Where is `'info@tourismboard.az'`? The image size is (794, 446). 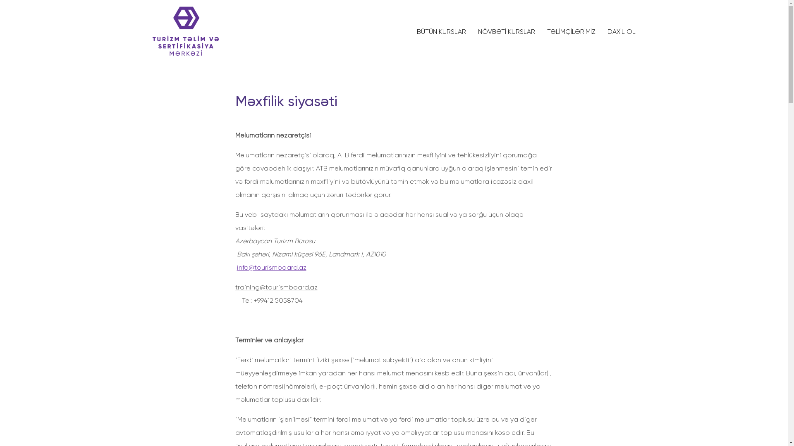 'info@tourismboard.az' is located at coordinates (271, 267).